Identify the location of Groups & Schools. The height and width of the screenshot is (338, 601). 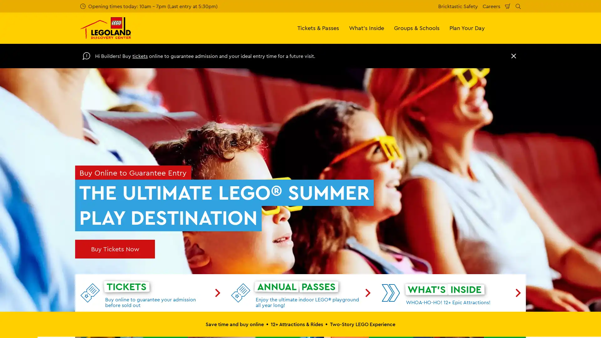
(417, 28).